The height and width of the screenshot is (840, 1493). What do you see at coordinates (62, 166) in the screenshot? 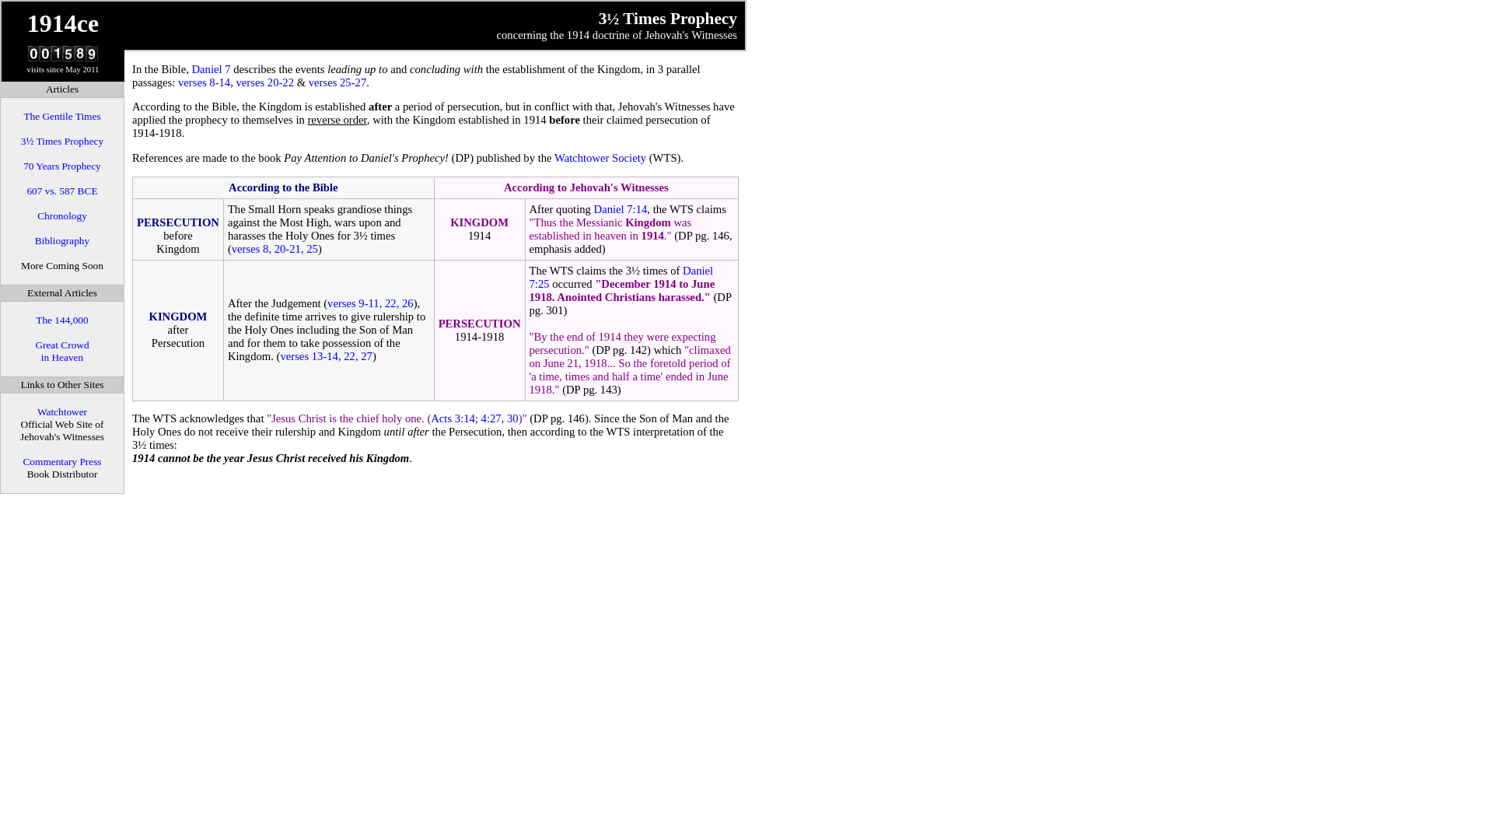
I see `'70 Years Prophecy'` at bounding box center [62, 166].